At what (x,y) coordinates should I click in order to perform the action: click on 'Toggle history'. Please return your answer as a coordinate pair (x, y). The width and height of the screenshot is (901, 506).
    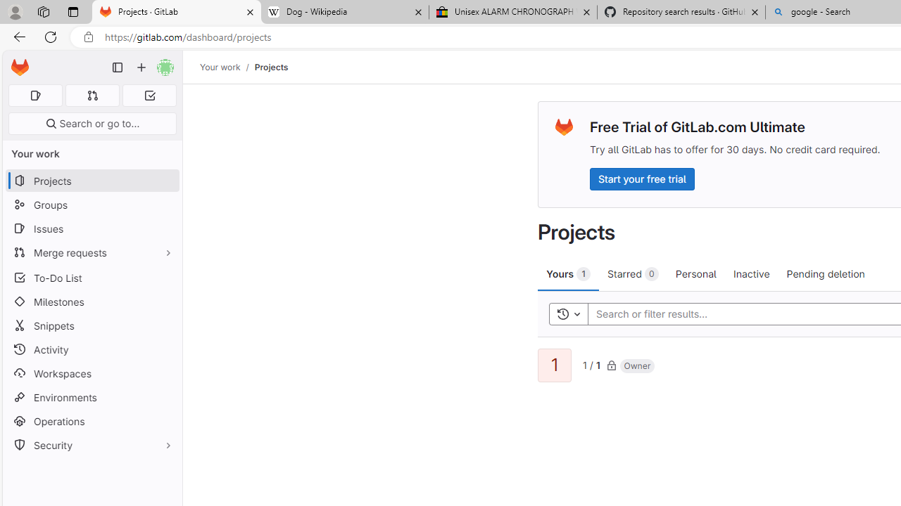
    Looking at the image, I should click on (568, 313).